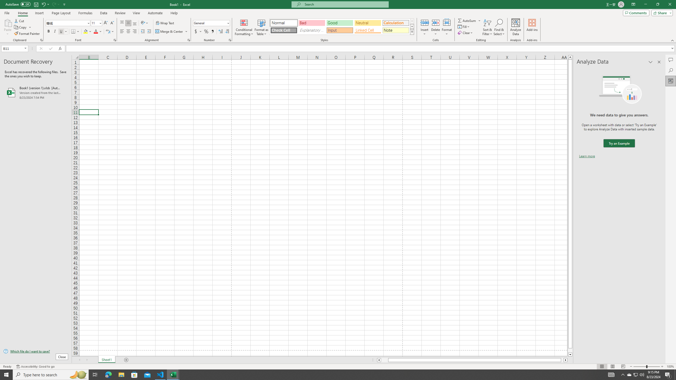 The image size is (676, 380). What do you see at coordinates (412, 26) in the screenshot?
I see `'Row Down'` at bounding box center [412, 26].